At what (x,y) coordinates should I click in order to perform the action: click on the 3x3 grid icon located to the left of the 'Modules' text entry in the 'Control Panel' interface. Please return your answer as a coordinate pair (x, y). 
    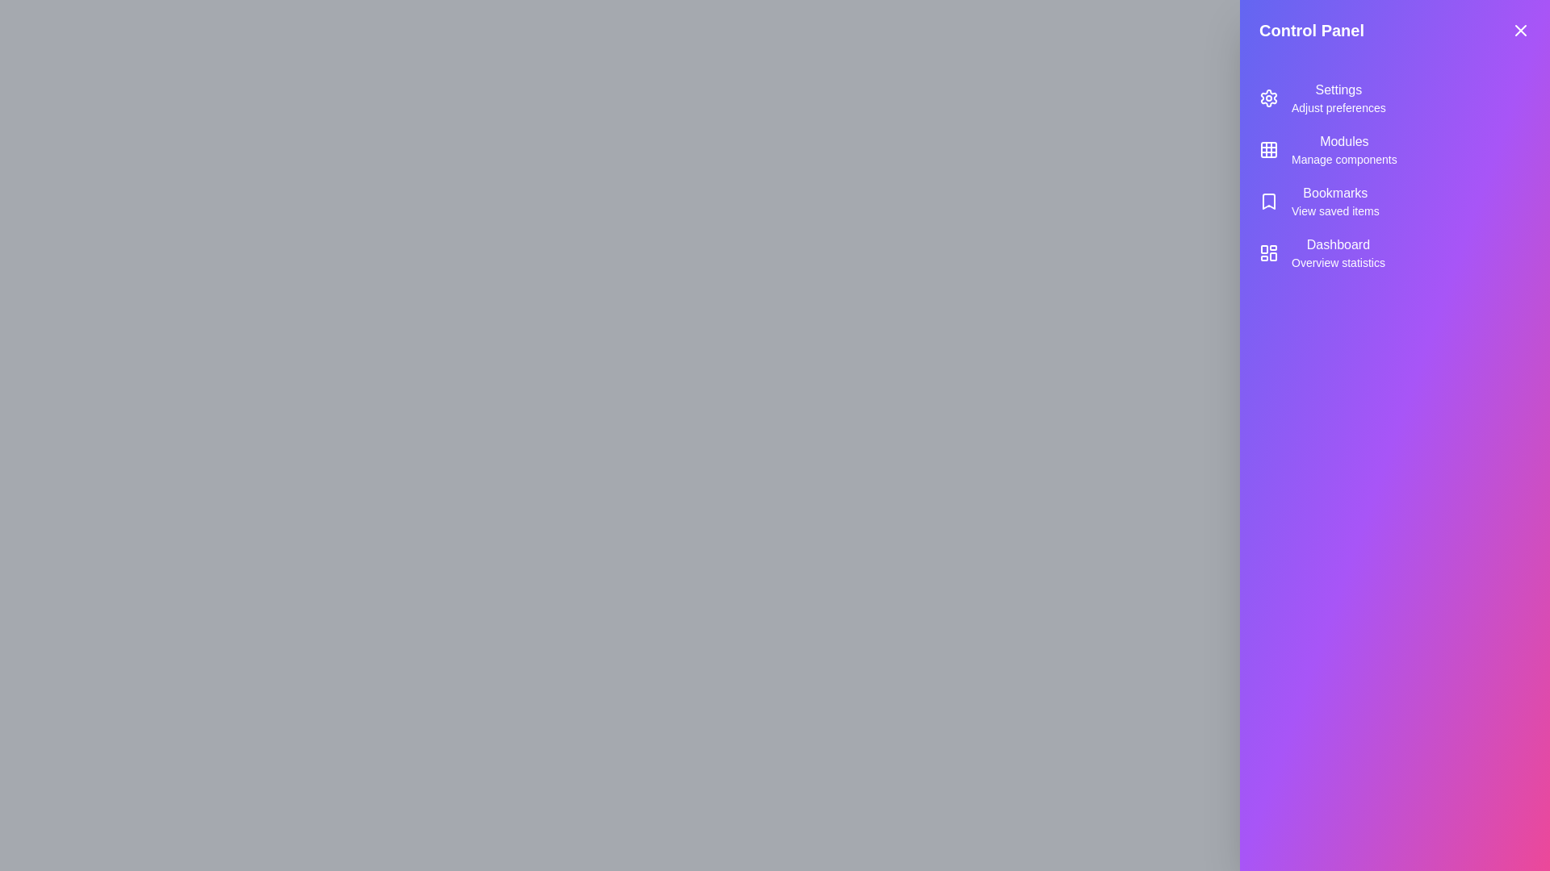
    Looking at the image, I should click on (1267, 149).